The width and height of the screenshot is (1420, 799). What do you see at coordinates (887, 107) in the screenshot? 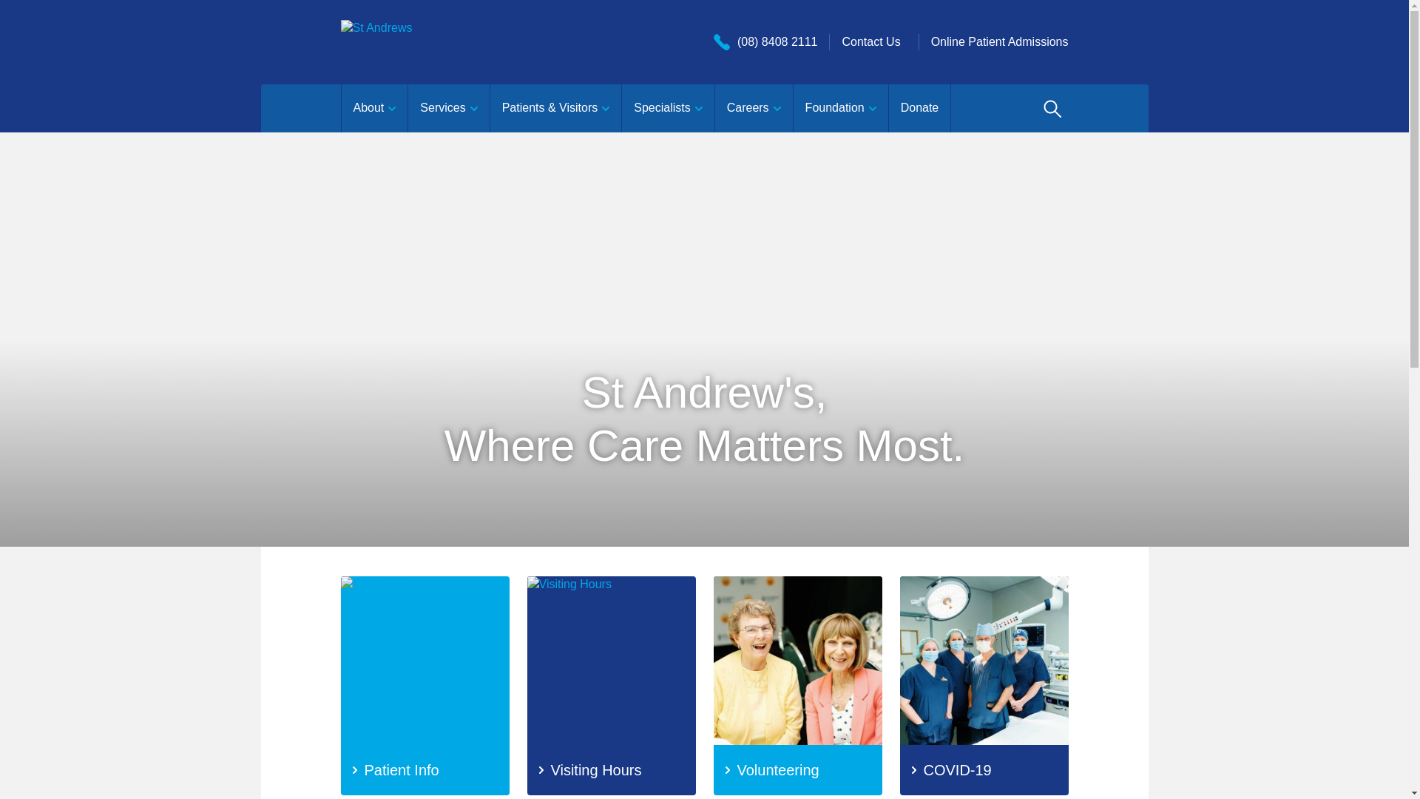
I see `'Donate'` at bounding box center [887, 107].